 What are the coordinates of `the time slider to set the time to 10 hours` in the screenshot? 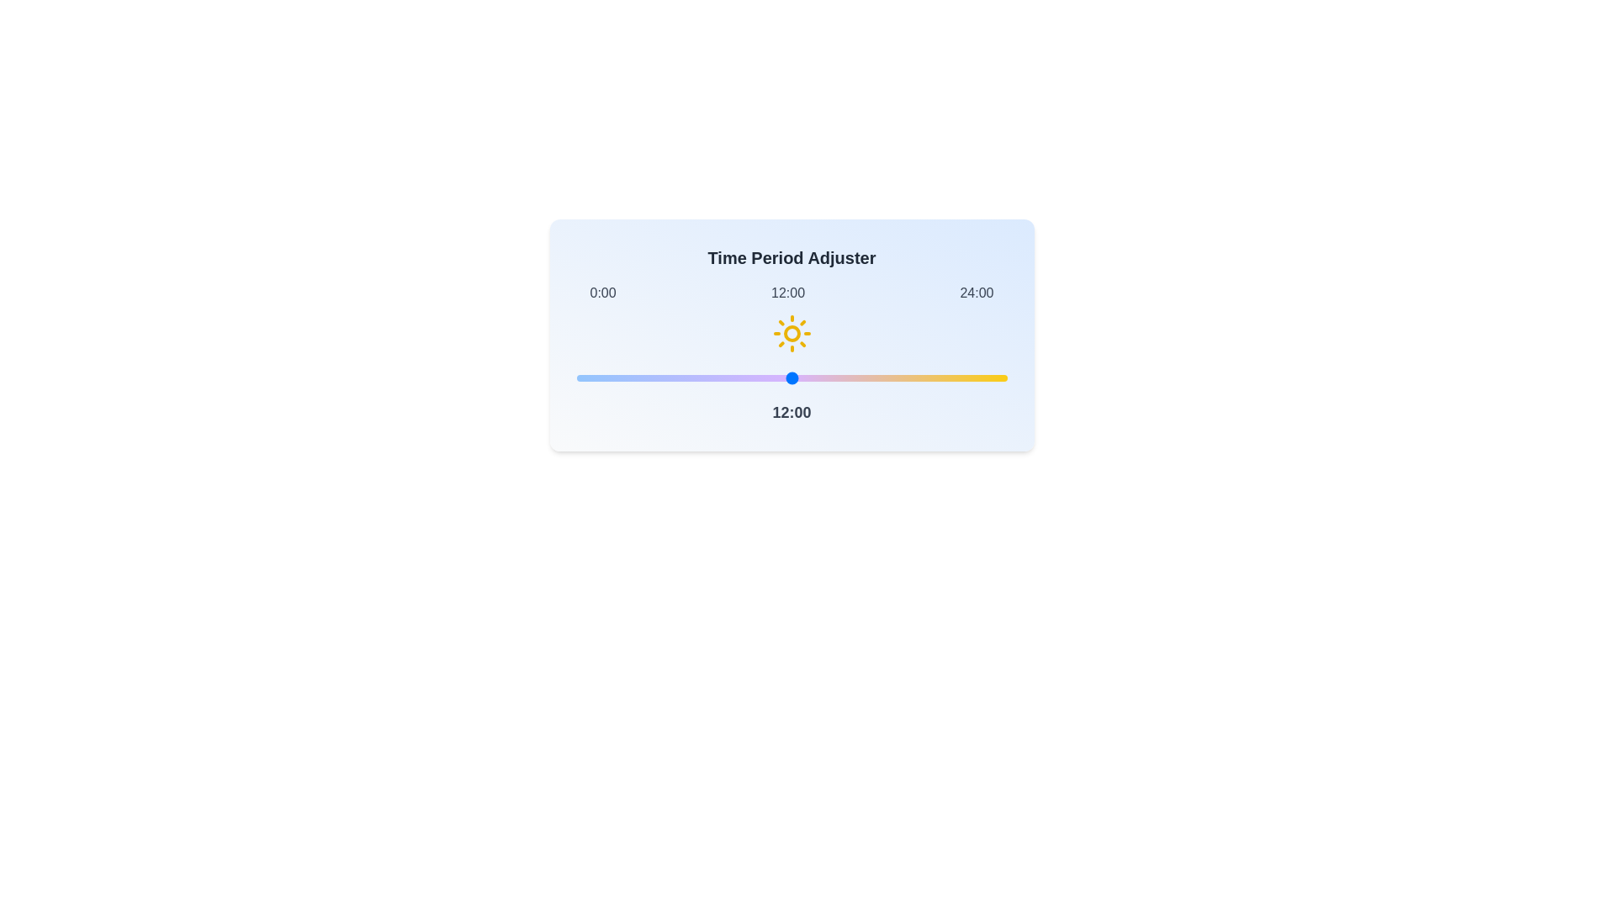 It's located at (755, 378).